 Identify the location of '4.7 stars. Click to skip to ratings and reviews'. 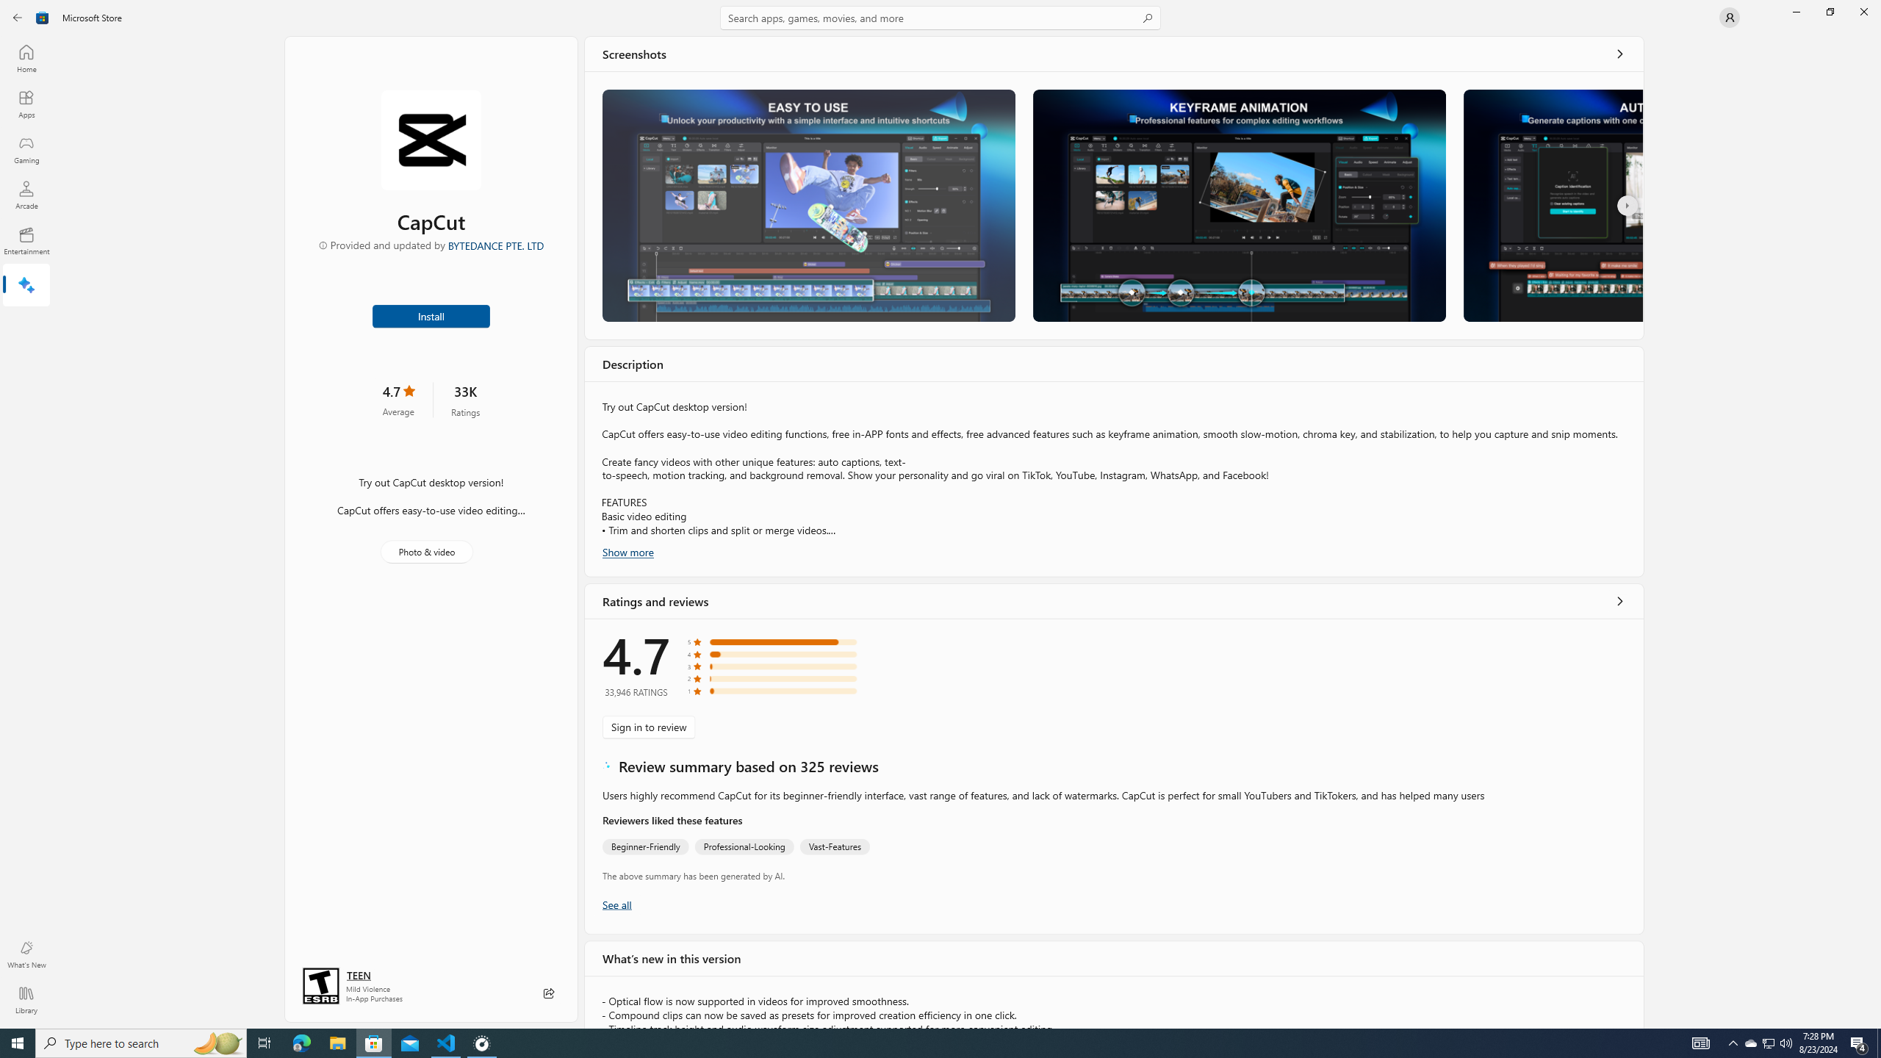
(398, 399).